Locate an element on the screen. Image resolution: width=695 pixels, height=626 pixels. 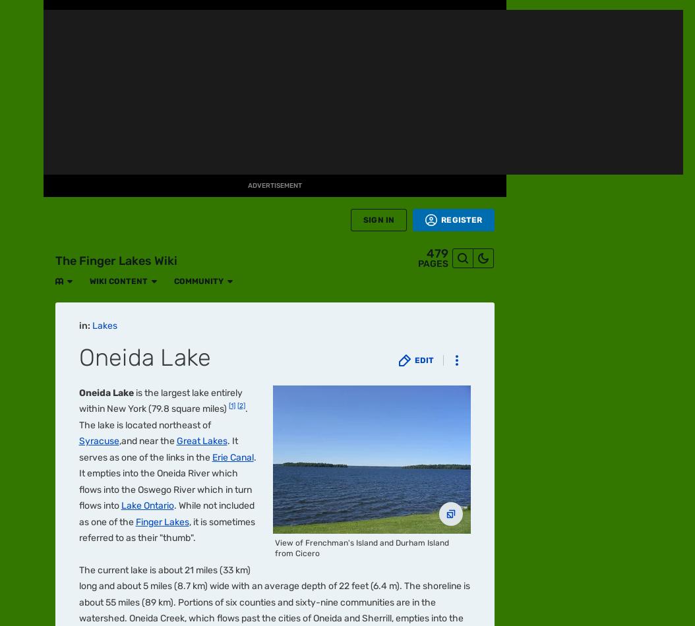
'TV' is located at coordinates (21, 330).